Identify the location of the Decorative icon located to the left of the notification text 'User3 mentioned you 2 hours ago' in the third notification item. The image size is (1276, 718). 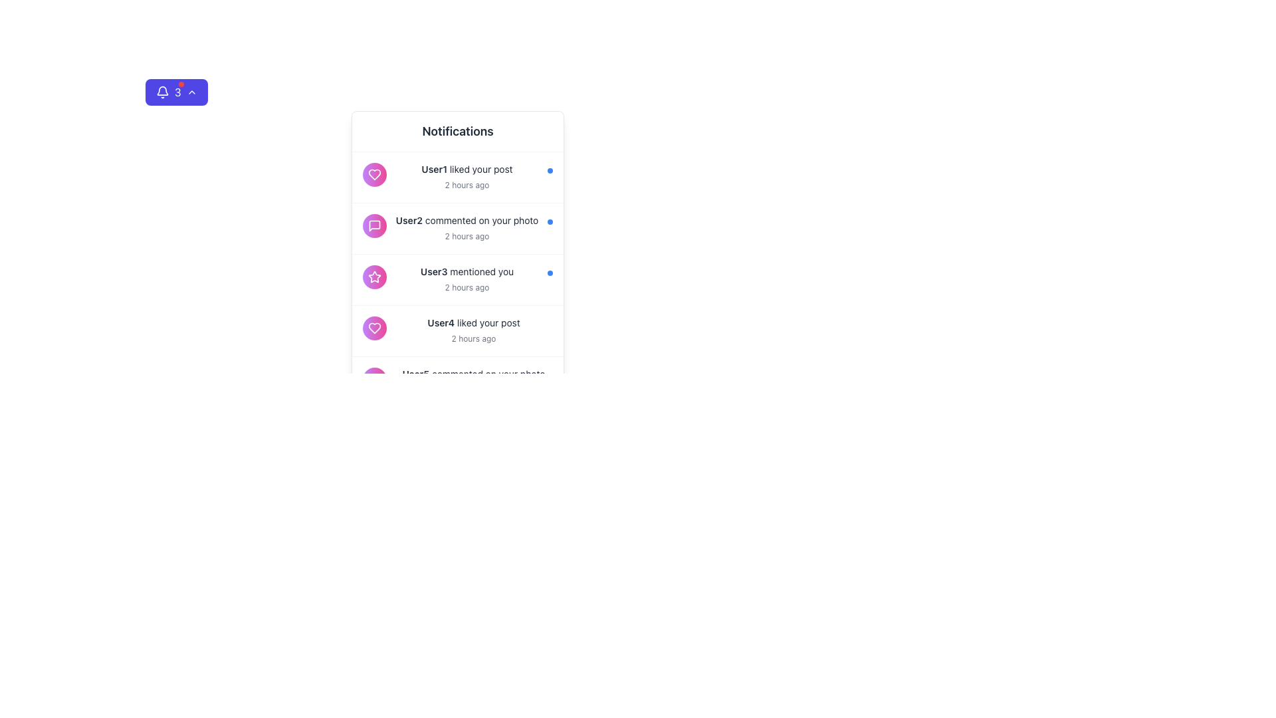
(374, 276).